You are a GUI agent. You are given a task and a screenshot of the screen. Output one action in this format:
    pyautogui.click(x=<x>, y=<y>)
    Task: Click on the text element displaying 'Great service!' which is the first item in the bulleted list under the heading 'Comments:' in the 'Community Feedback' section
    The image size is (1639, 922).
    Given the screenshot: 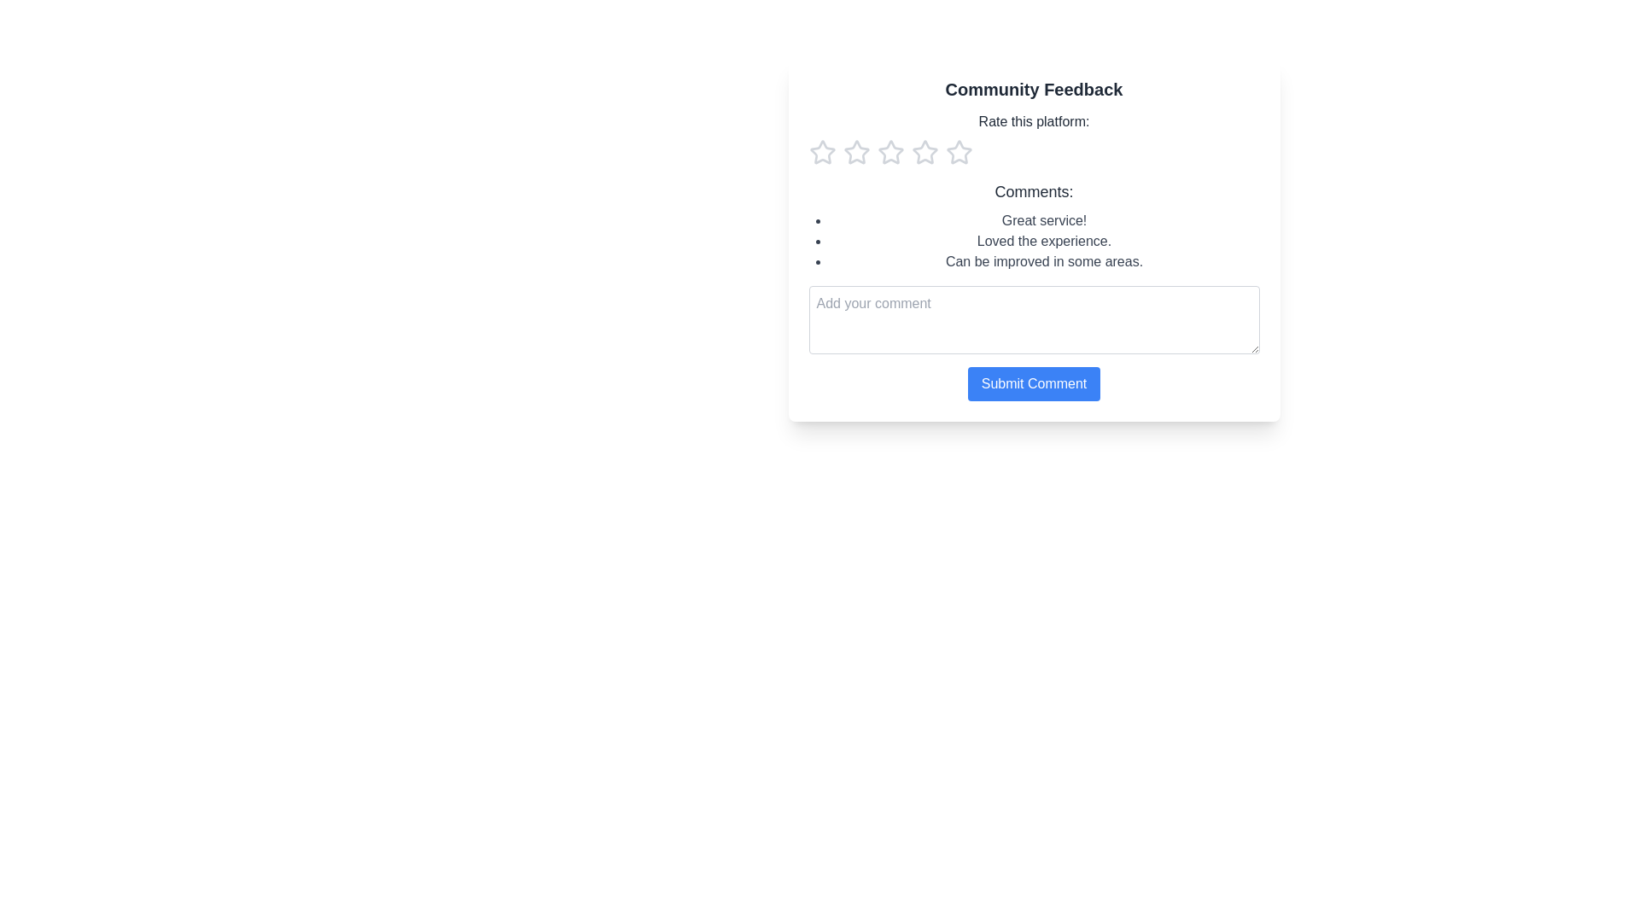 What is the action you would take?
    pyautogui.click(x=1043, y=219)
    